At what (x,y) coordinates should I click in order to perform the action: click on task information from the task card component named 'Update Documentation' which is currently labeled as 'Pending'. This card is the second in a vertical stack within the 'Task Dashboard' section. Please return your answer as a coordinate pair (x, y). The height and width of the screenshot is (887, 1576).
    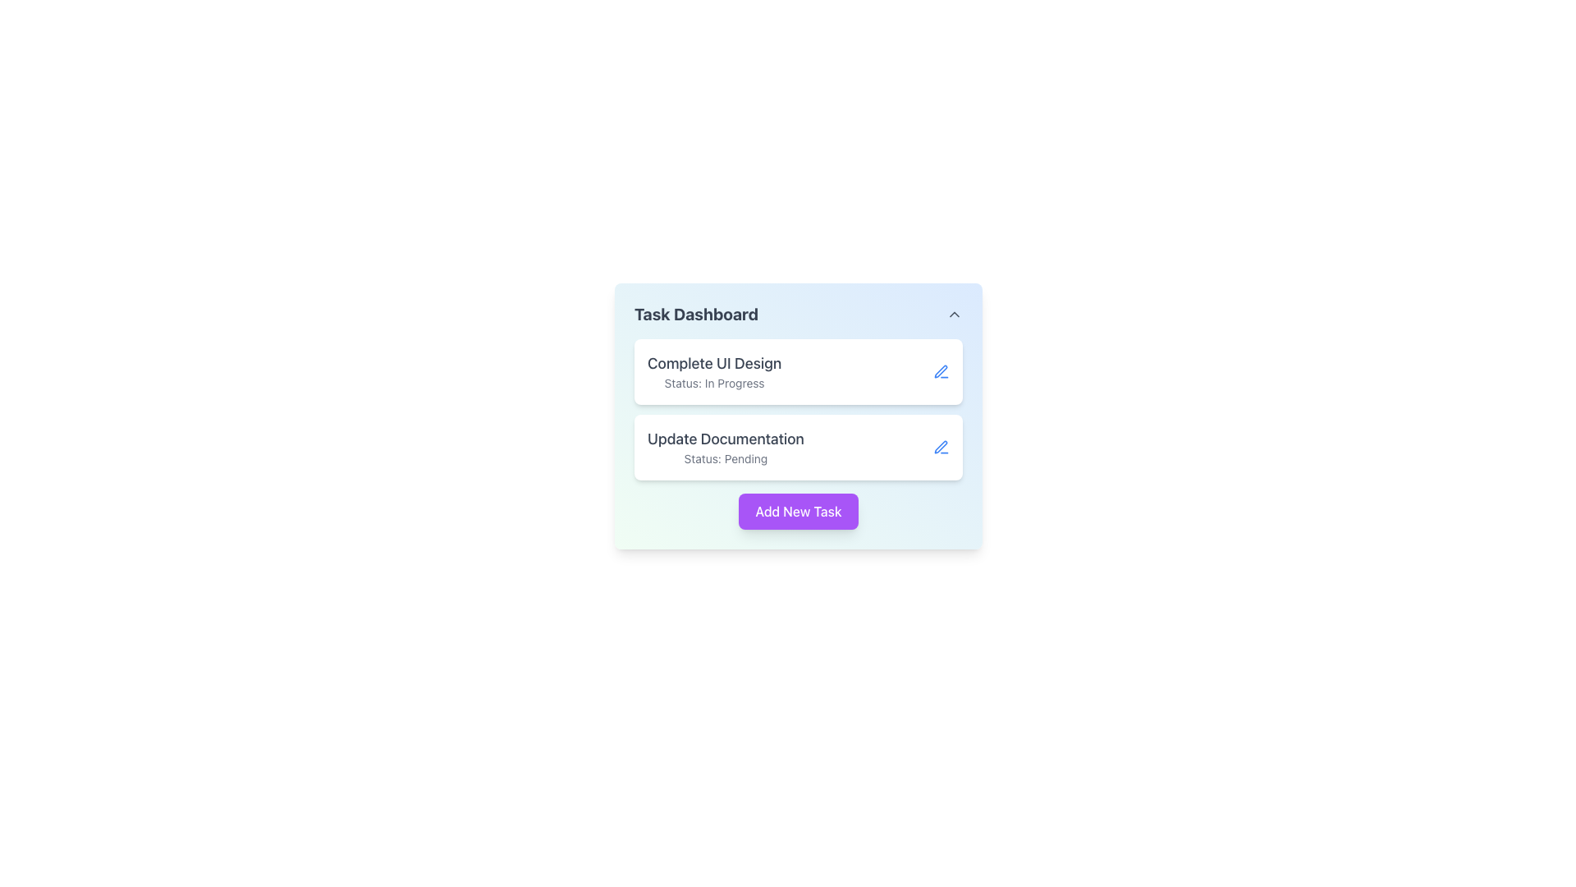
    Looking at the image, I should click on (799, 447).